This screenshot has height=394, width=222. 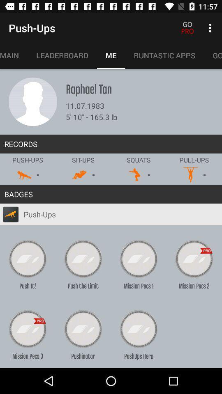 What do you see at coordinates (32, 101) in the screenshot?
I see `change profile picture` at bounding box center [32, 101].